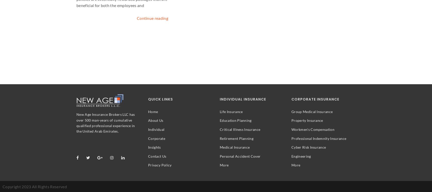 This screenshot has height=192, width=432. What do you see at coordinates (301, 156) in the screenshot?
I see `'Engineering'` at bounding box center [301, 156].